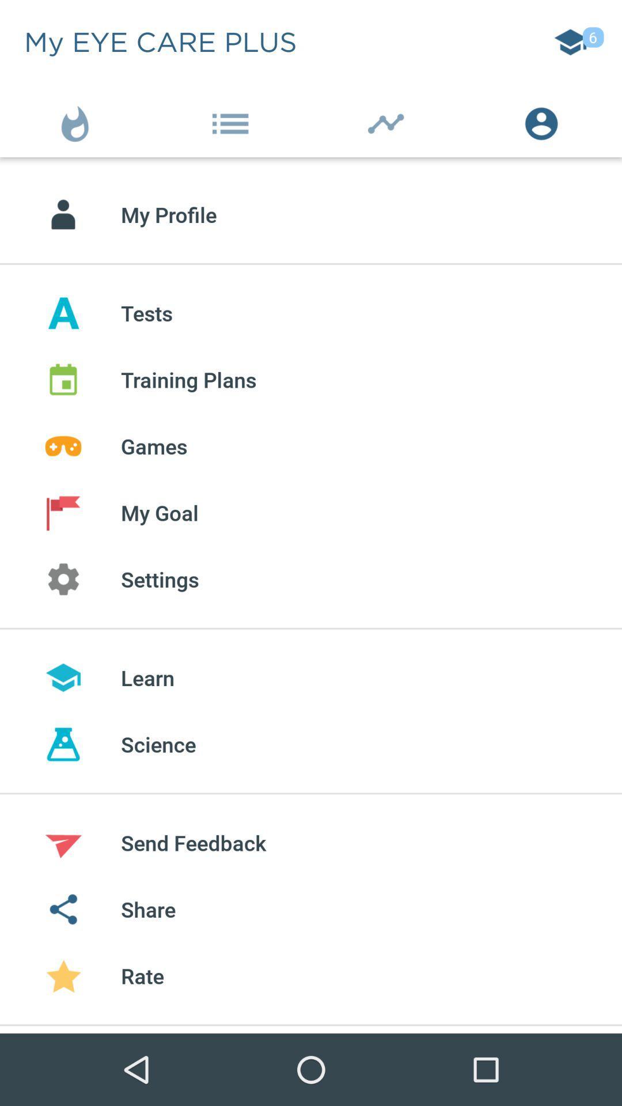 This screenshot has width=622, height=1106. Describe the element at coordinates (233, 121) in the screenshot. I see `the` at that location.